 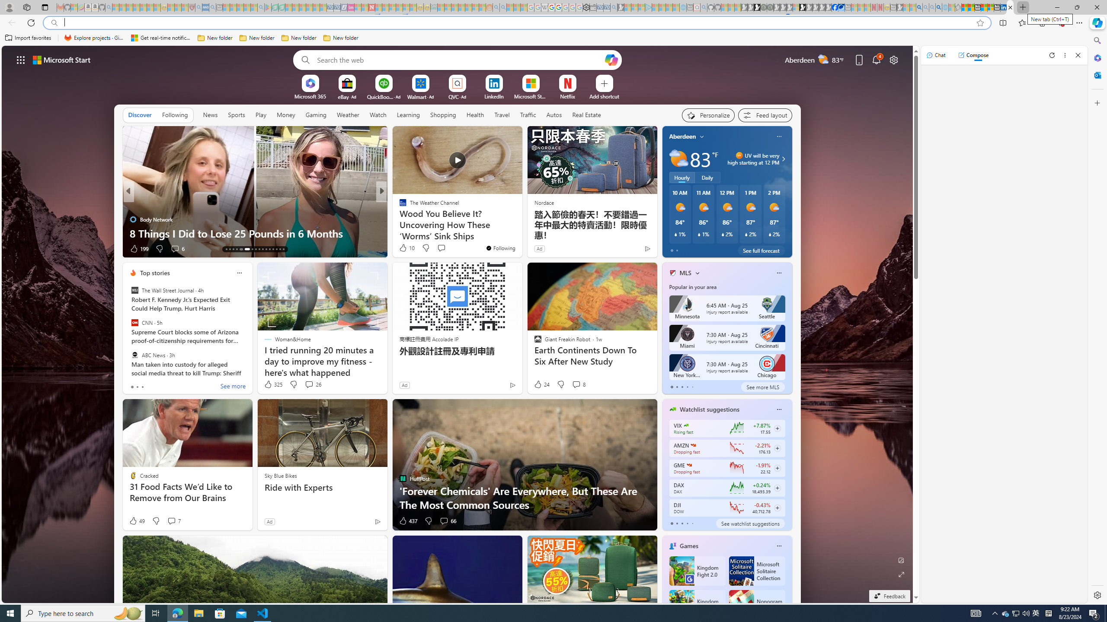 I want to click on 'AutomationID: tab-27', so click(x=280, y=249).